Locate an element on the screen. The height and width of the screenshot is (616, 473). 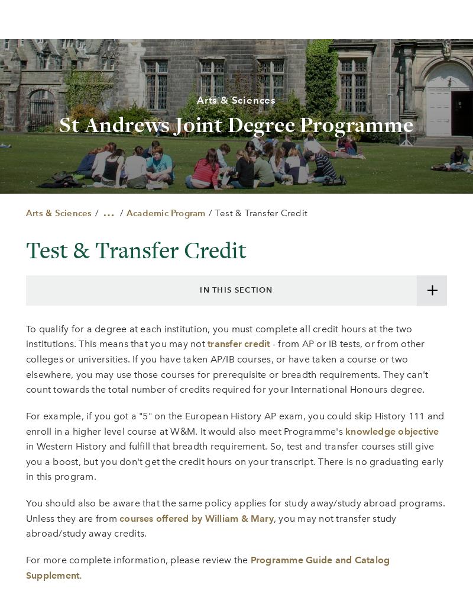
'William & Mary Blogs' is located at coordinates (235, 443).